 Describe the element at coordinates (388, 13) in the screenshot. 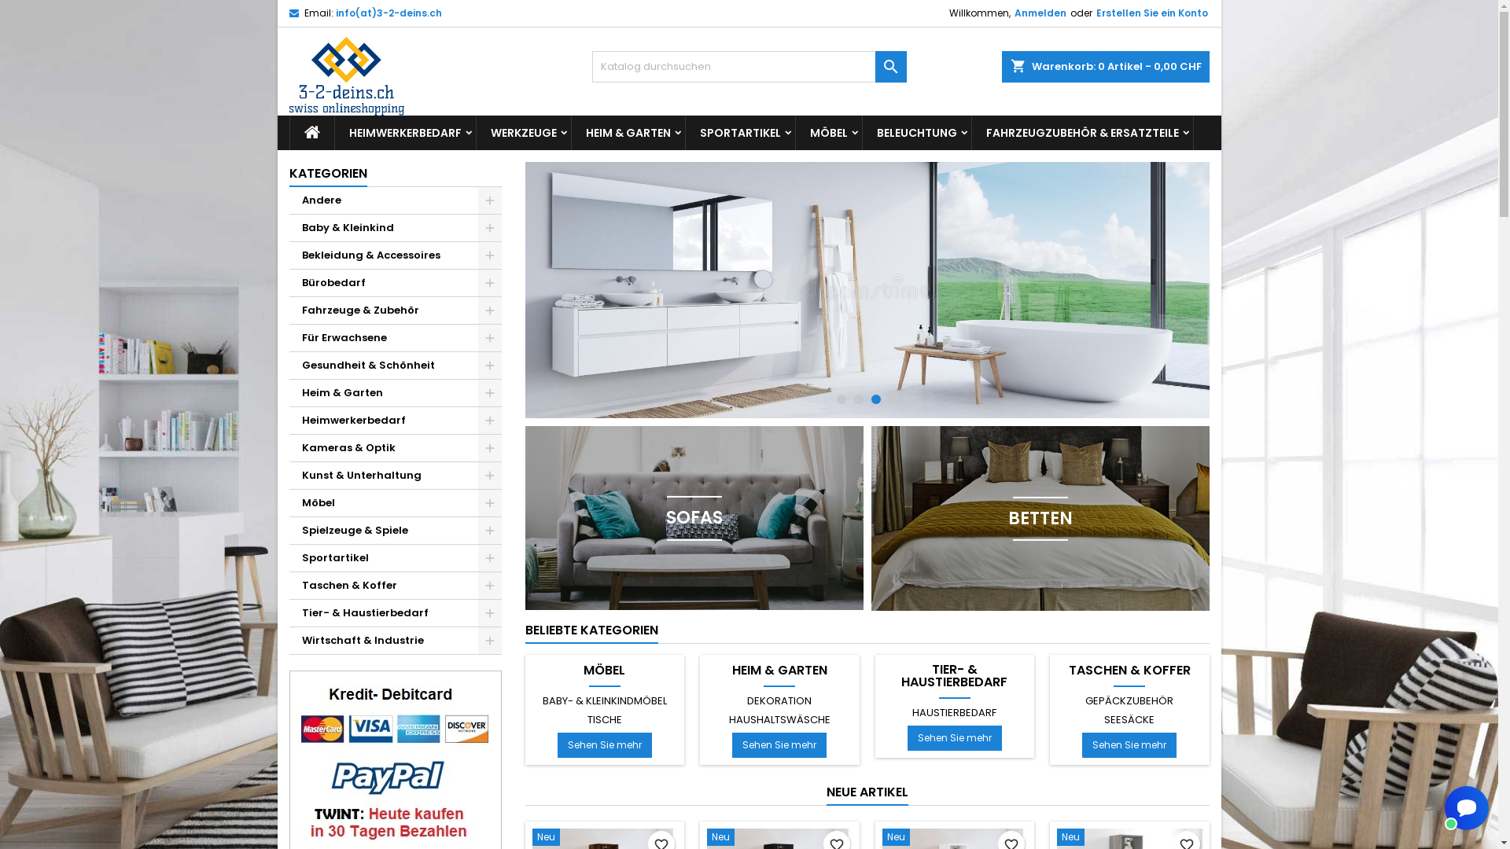

I see `'info(at)3-2-deins.ch'` at that location.